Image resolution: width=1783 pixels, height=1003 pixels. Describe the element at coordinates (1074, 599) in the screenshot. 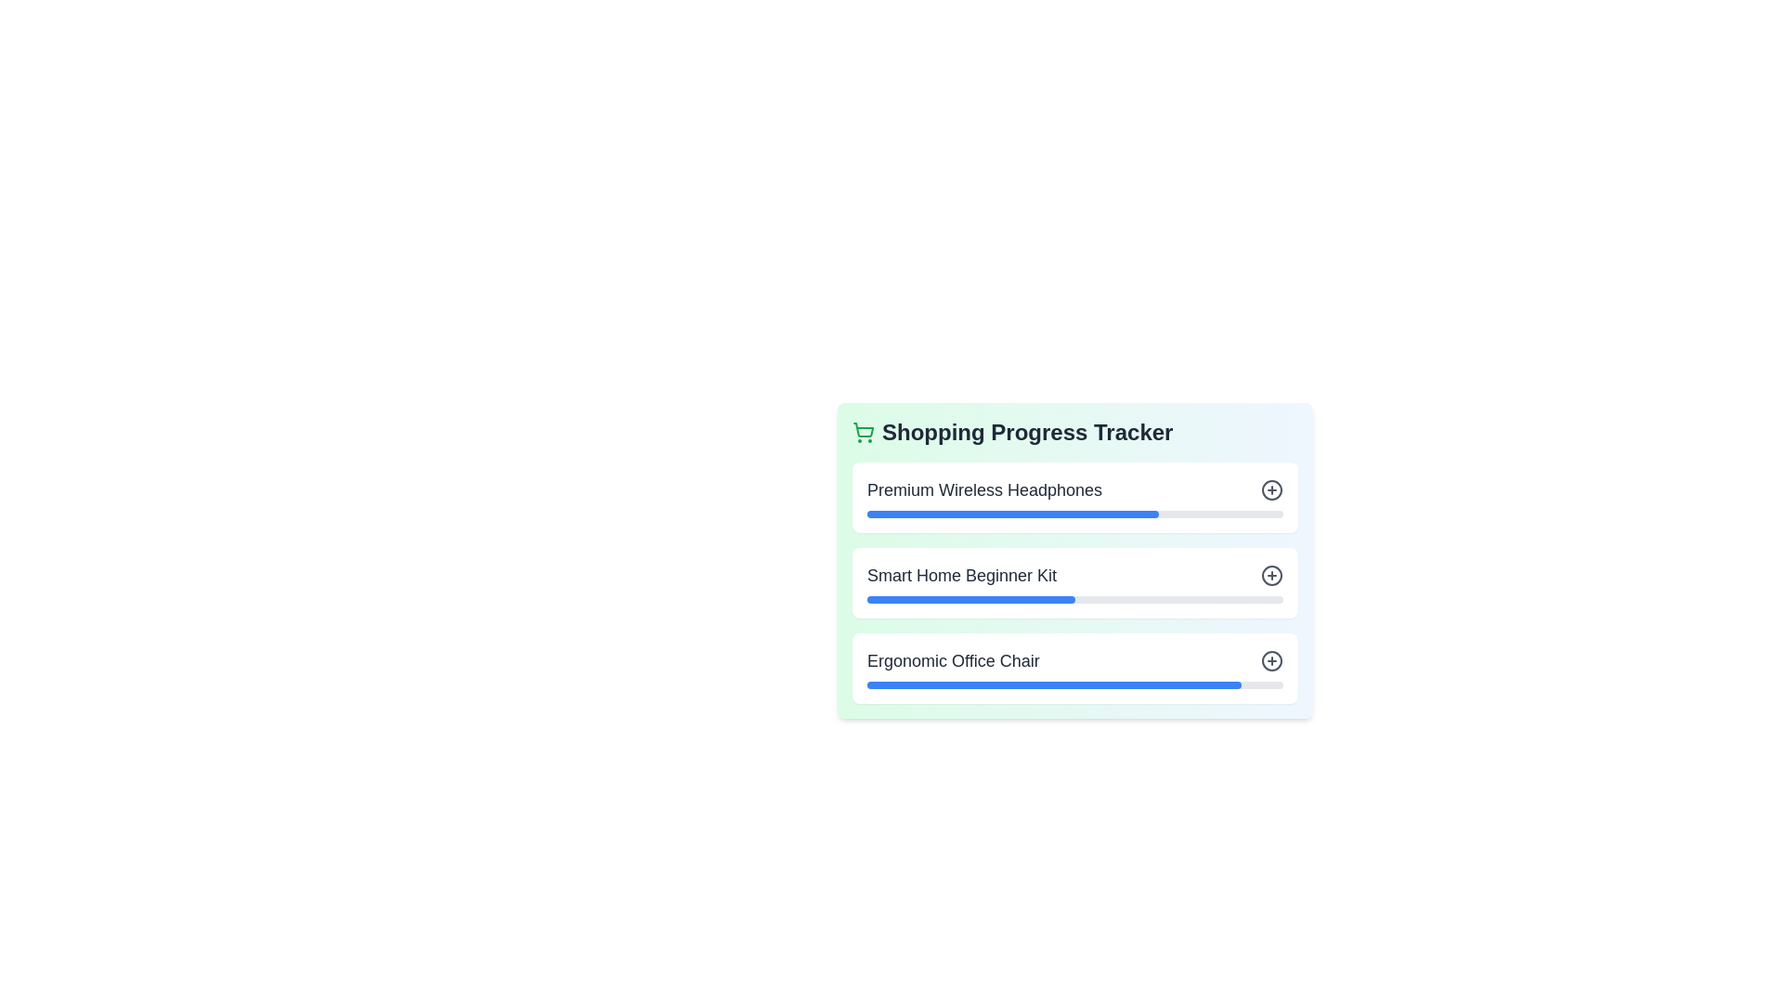

I see `the horizontal progress bar with a light gray background and blue filled section, located within the 'Smart Home Beginner Kit' card, beneath the text and to the left of an icon` at that location.